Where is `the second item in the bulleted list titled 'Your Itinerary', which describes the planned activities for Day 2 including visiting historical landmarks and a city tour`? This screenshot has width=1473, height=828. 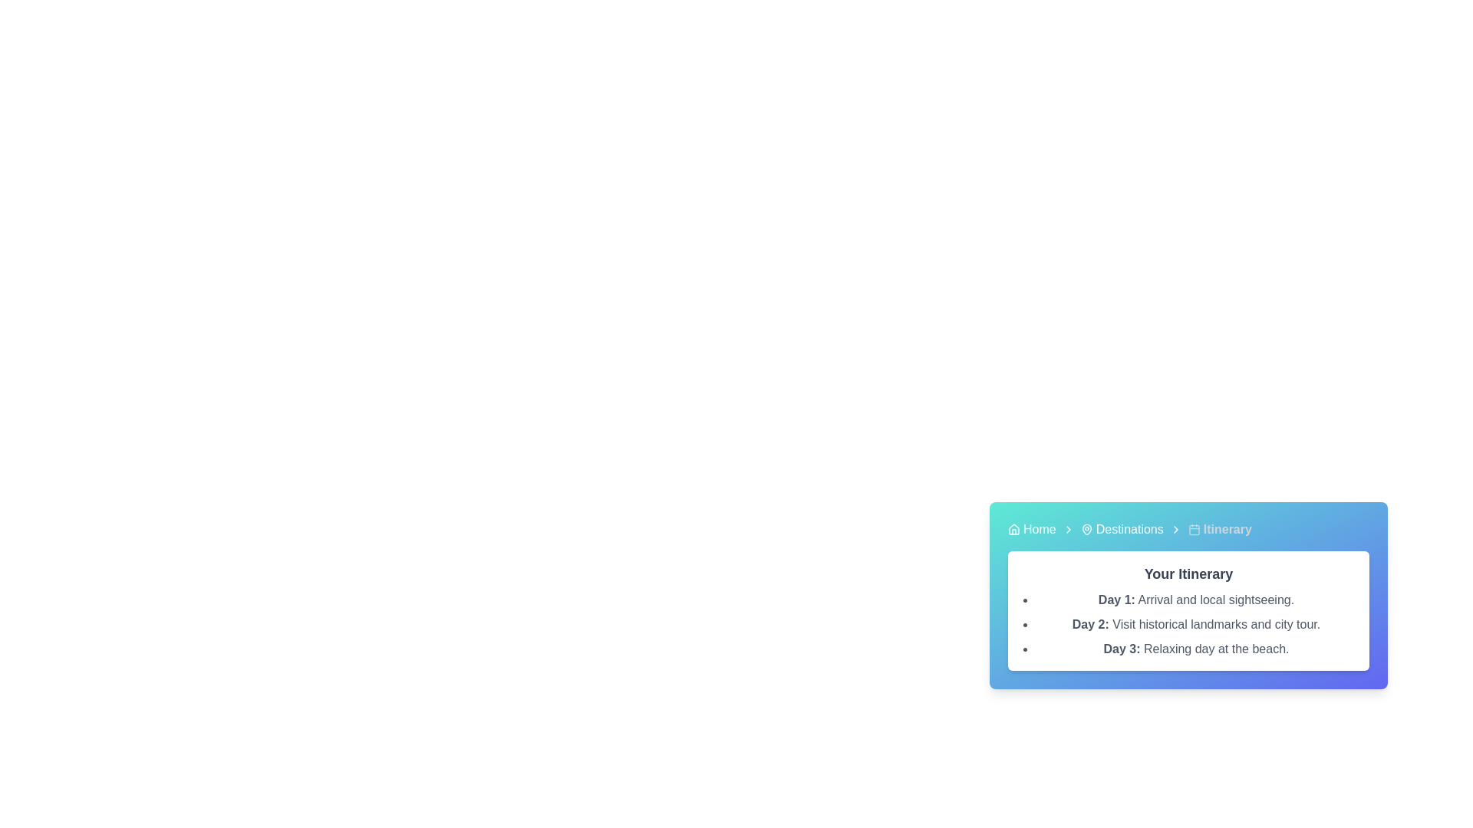
the second item in the bulleted list titled 'Your Itinerary', which describes the planned activities for Day 2 including visiting historical landmarks and a city tour is located at coordinates (1195, 624).